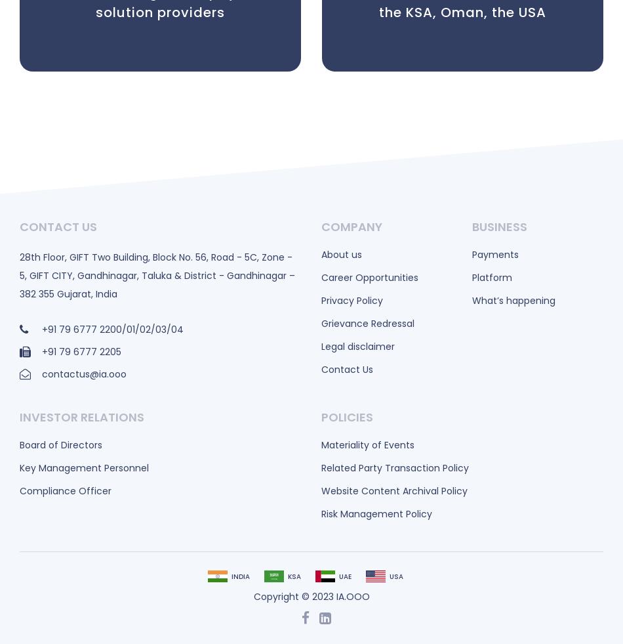 The width and height of the screenshot is (623, 644). I want to click on 'BUSINESS', so click(498, 226).